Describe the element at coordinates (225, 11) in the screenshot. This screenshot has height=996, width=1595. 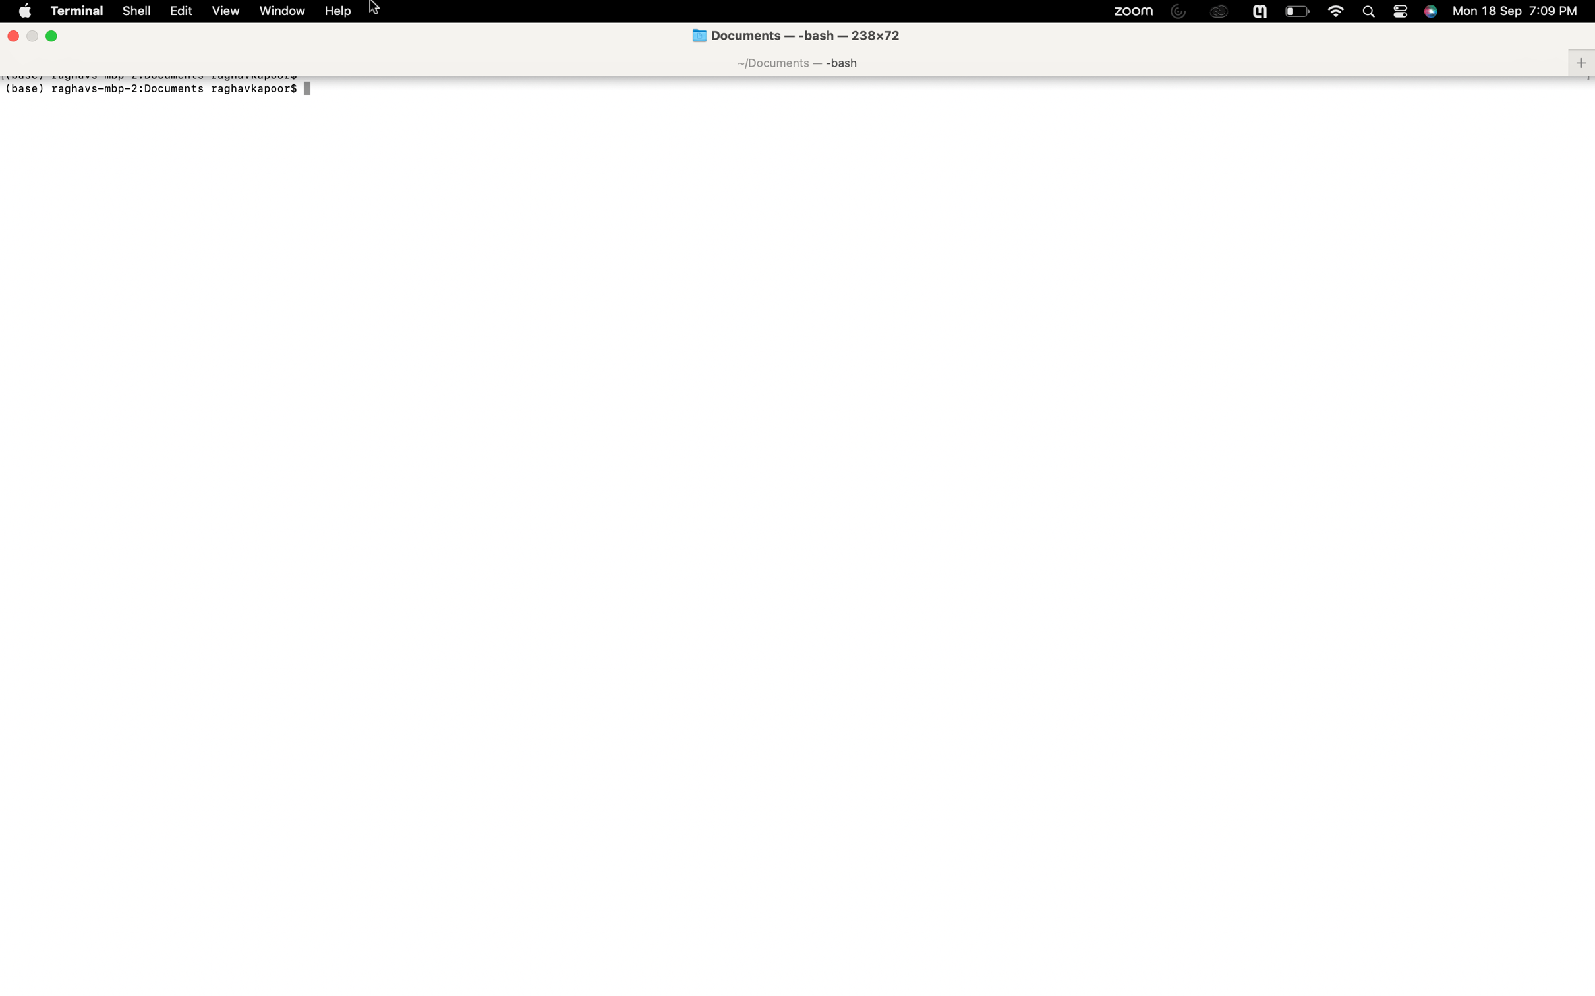
I see `Use the view option to create a two-part view on your screen` at that location.